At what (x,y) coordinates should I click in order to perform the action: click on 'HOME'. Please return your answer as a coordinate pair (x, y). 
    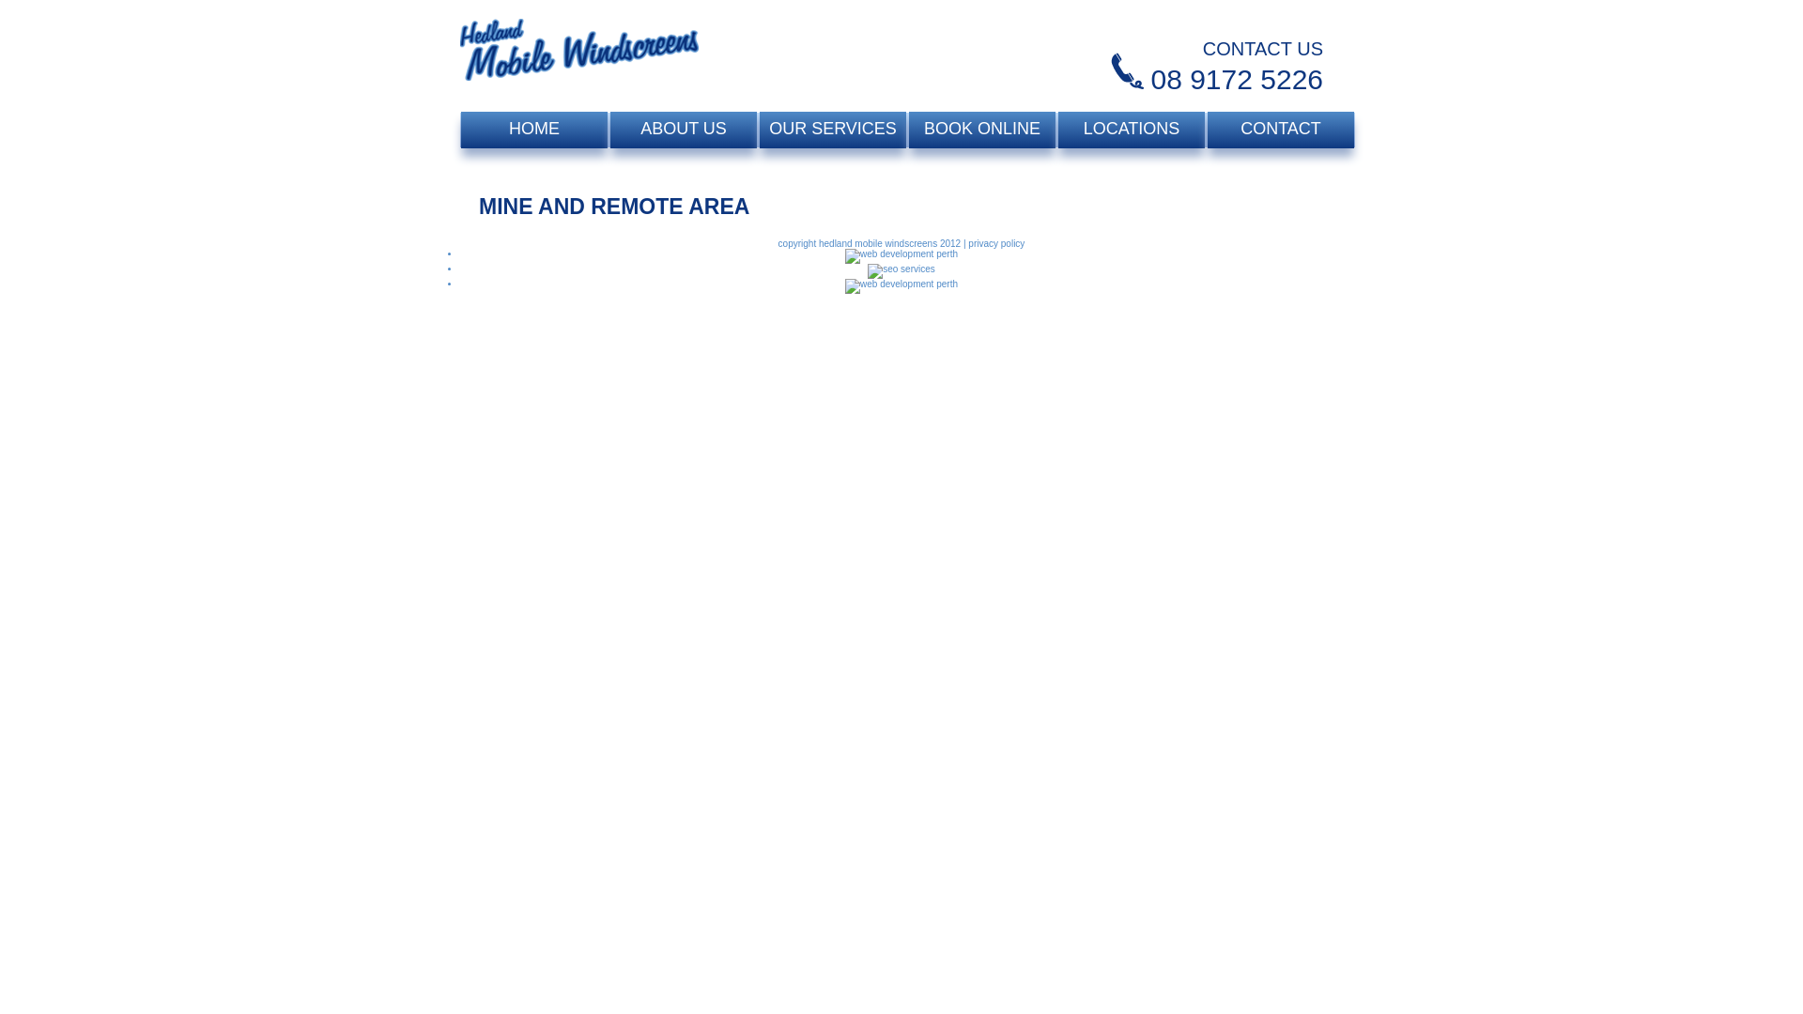
    Looking at the image, I should click on (533, 129).